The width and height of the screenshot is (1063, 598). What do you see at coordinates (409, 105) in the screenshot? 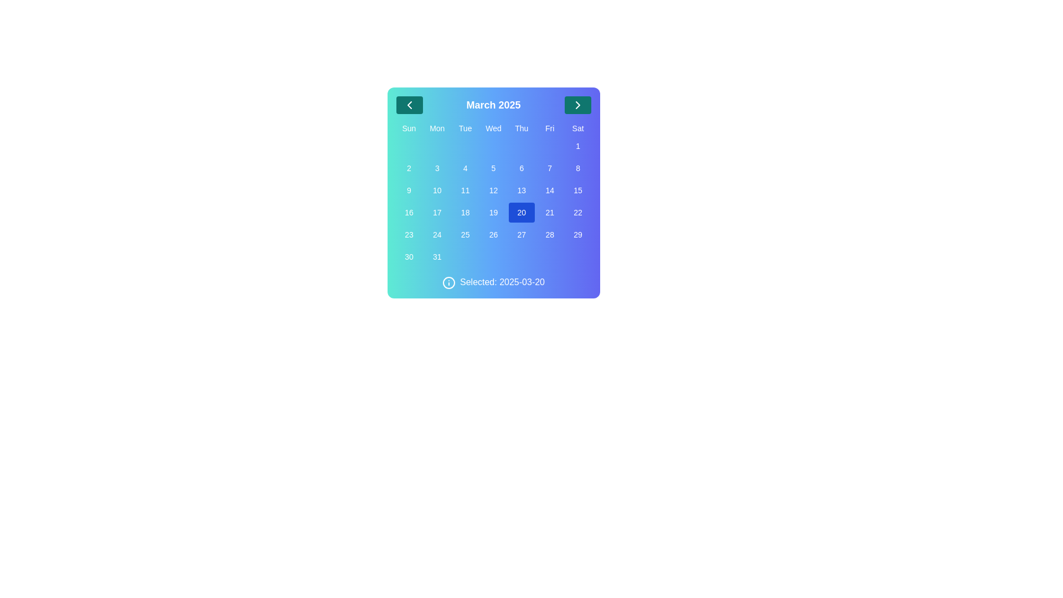
I see `the left-arrow icon button located in the top-left corner of the calendar header for accessibility navigation` at bounding box center [409, 105].